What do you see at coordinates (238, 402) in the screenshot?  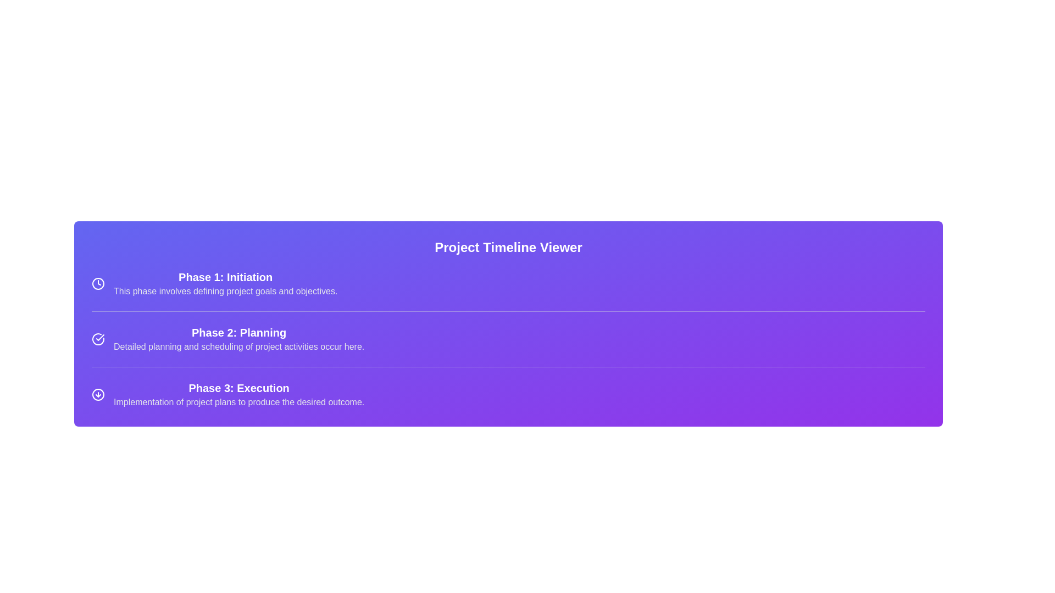 I see `the text label that reads 'Implementation of project plans to produce the desired outcome.' located under the 'Phase 3: Execution' heading` at bounding box center [238, 402].